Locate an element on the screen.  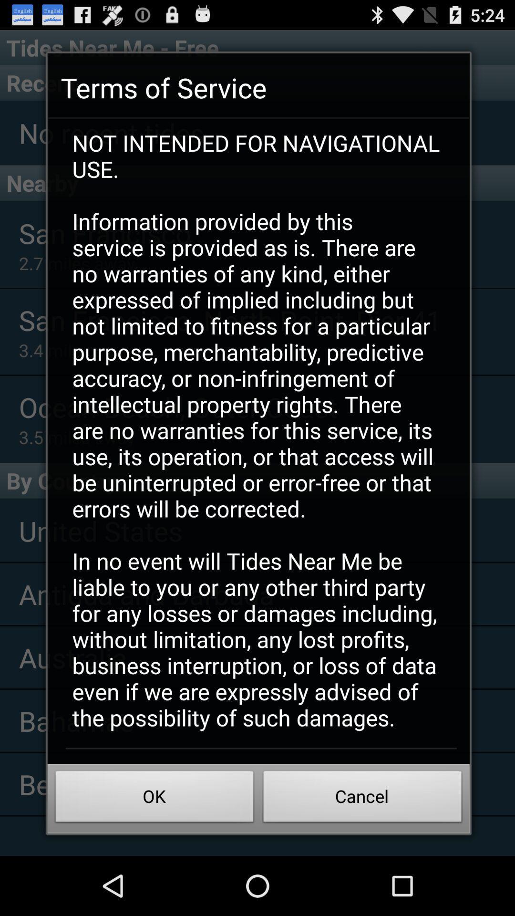
the ok button is located at coordinates (154, 799).